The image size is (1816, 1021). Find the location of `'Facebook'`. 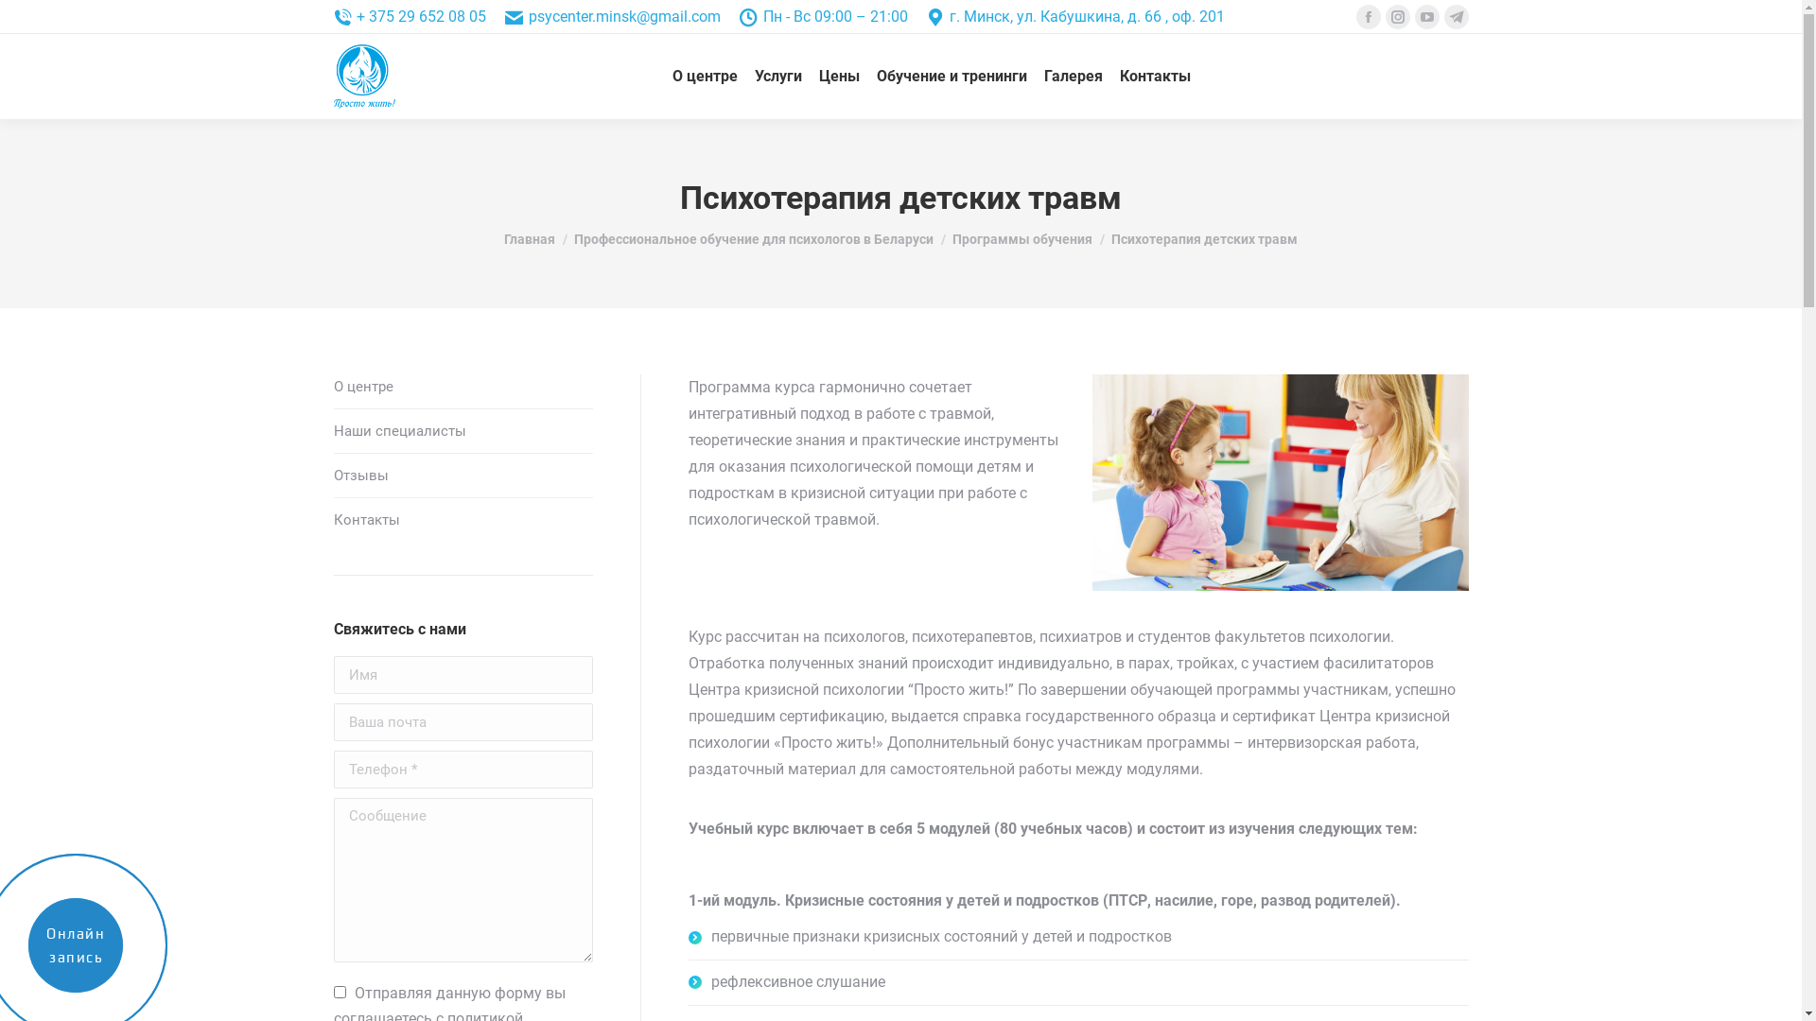

'Facebook' is located at coordinates (1368, 17).